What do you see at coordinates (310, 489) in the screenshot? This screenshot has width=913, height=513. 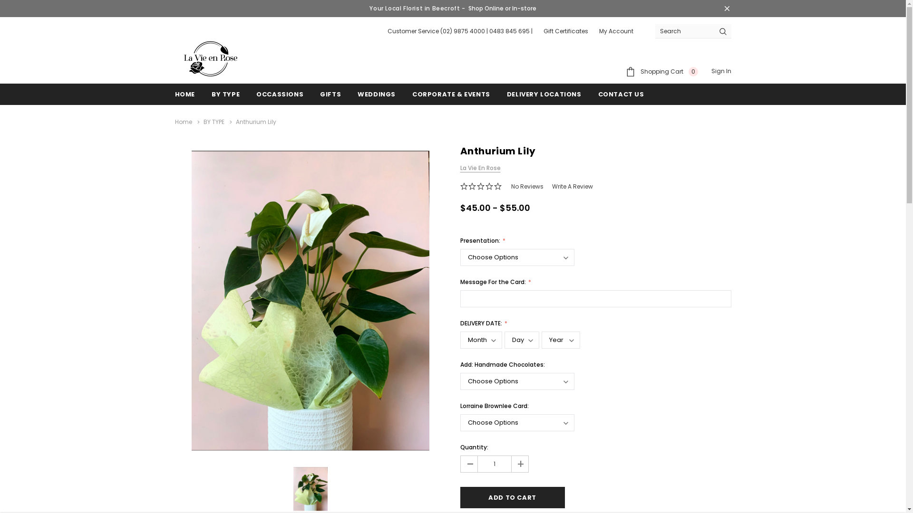 I see `'Anthurium Lily'` at bounding box center [310, 489].